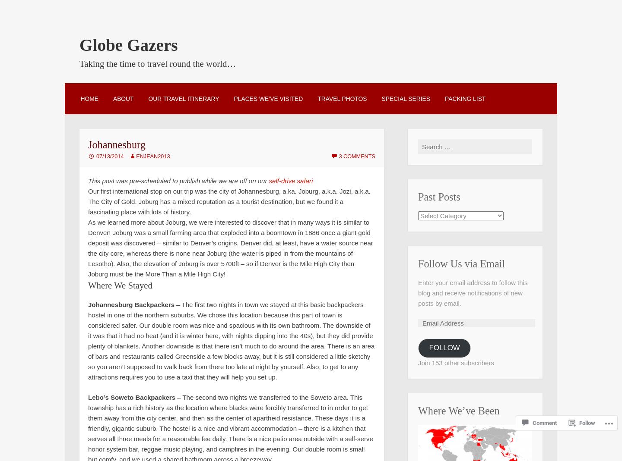 The image size is (622, 461). What do you see at coordinates (459, 410) in the screenshot?
I see `'Where We’ve Been'` at bounding box center [459, 410].